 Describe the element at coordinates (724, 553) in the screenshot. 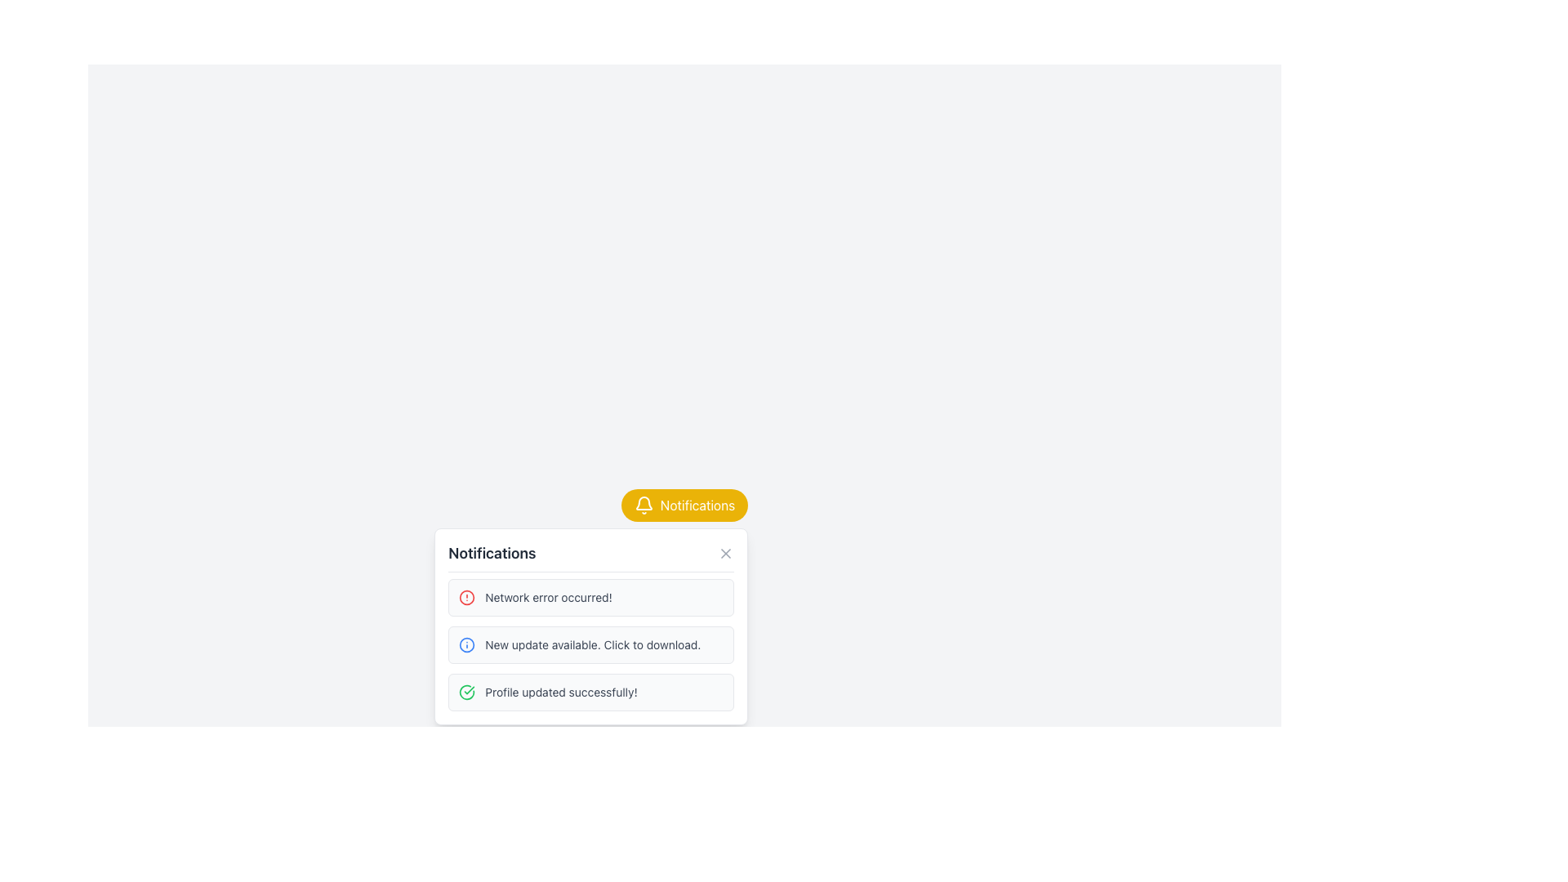

I see `the close button located at the far right of the notifications panel header` at that location.